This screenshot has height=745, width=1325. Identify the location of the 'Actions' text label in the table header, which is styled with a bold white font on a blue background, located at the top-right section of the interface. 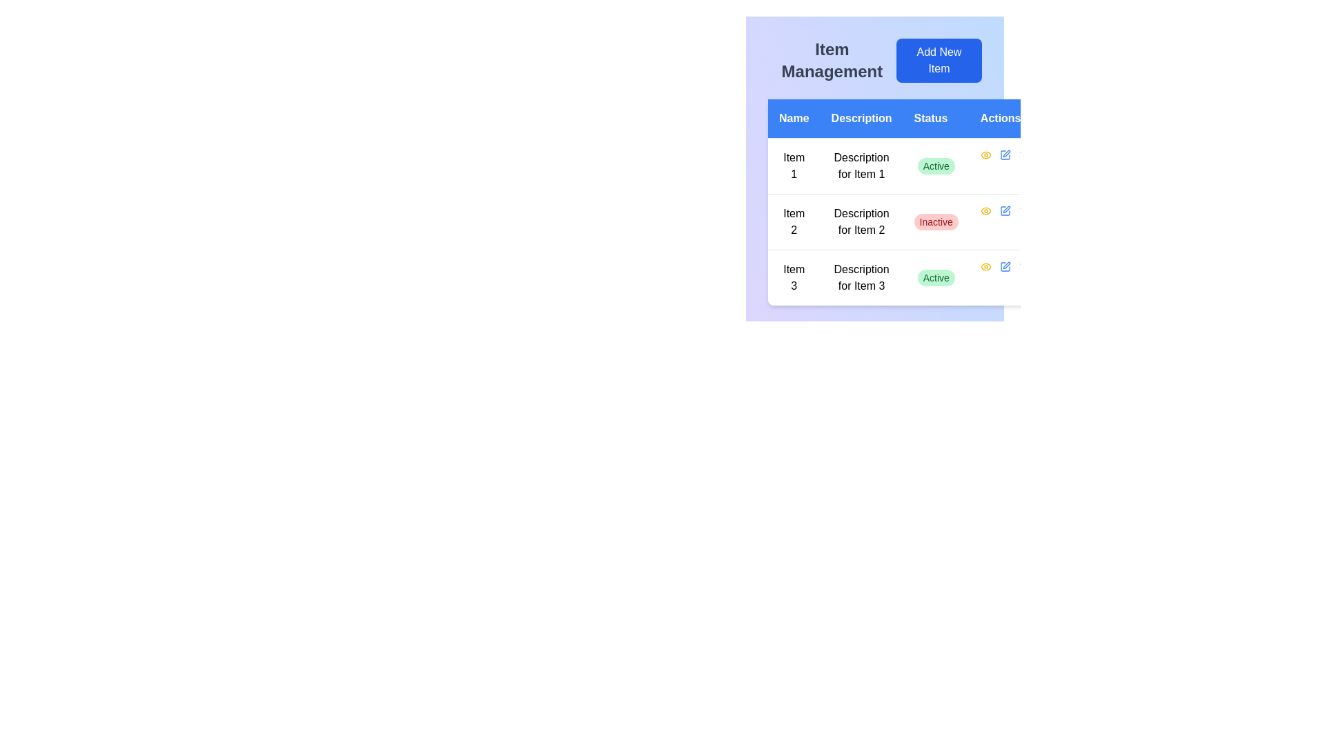
(1005, 118).